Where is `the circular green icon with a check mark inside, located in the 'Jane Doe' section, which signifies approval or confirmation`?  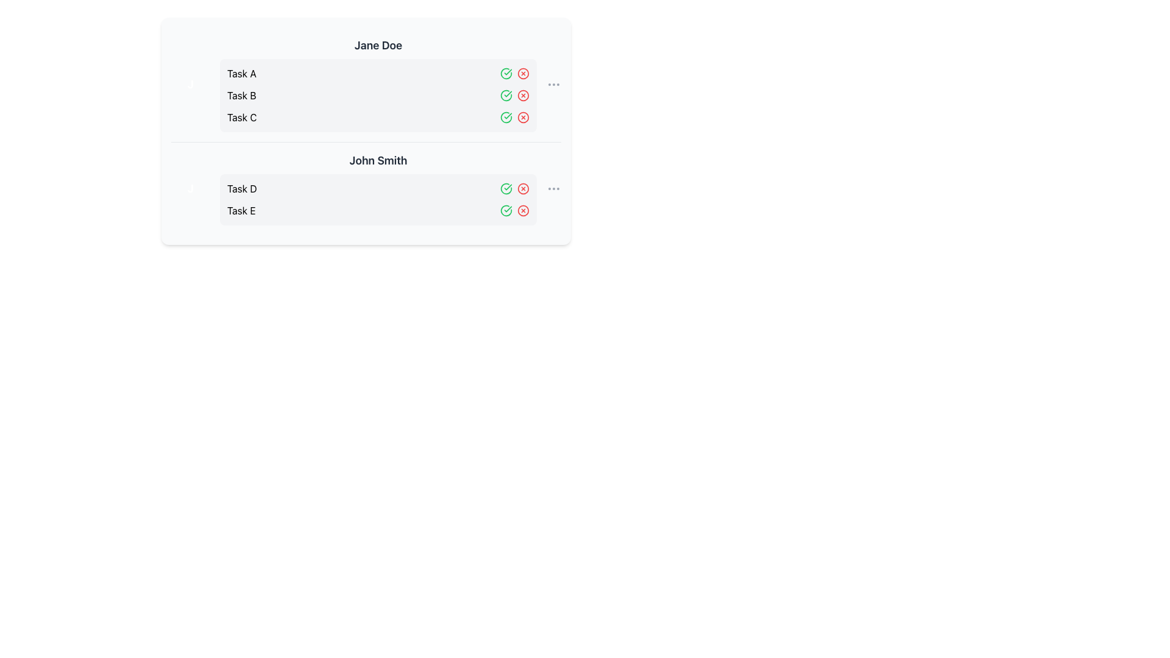
the circular green icon with a check mark inside, located in the 'Jane Doe' section, which signifies approval or confirmation is located at coordinates (506, 95).